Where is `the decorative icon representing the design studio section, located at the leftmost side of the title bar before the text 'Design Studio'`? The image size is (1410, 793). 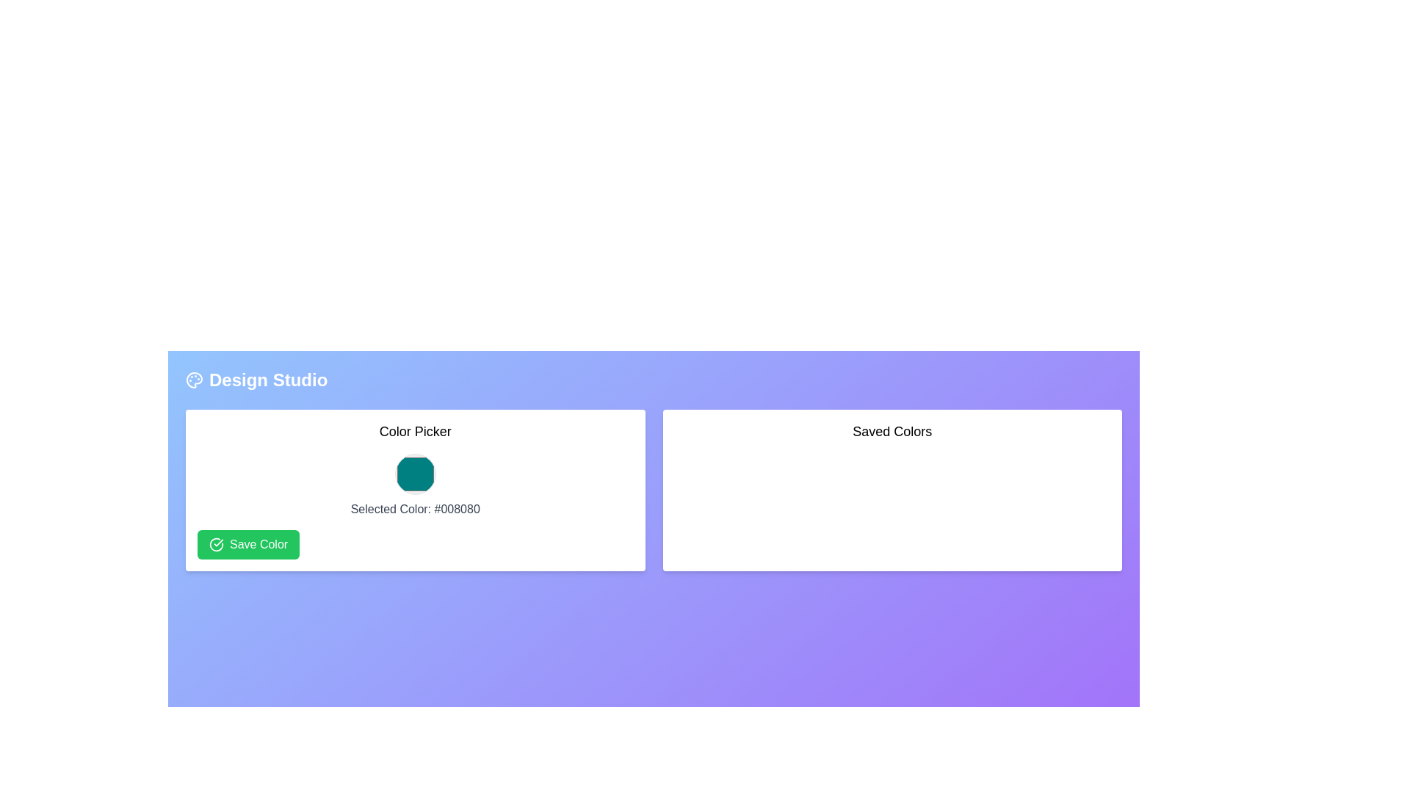 the decorative icon representing the design studio section, located at the leftmost side of the title bar before the text 'Design Studio' is located at coordinates (193, 379).